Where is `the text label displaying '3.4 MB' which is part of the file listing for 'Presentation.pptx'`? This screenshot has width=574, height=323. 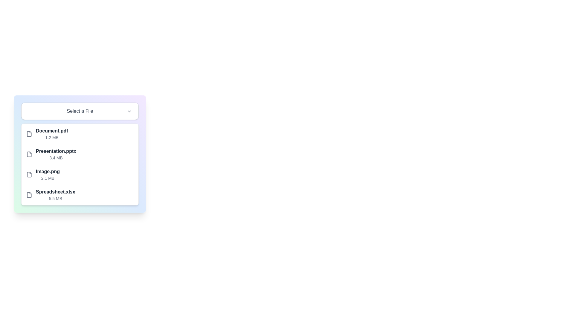 the text label displaying '3.4 MB' which is part of the file listing for 'Presentation.pptx' is located at coordinates (56, 158).